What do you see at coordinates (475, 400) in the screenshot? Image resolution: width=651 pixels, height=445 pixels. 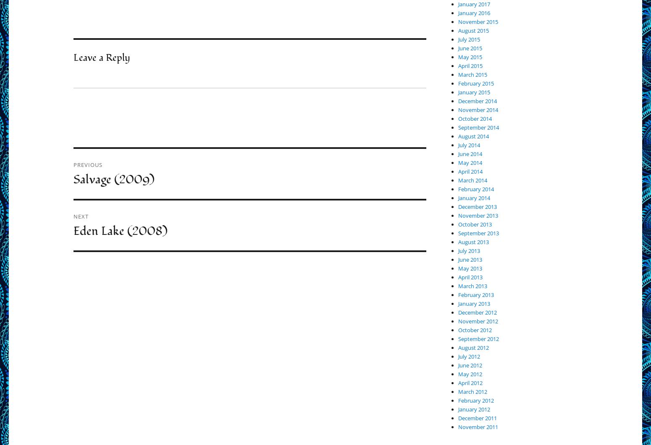 I see `'February 2012'` at bounding box center [475, 400].